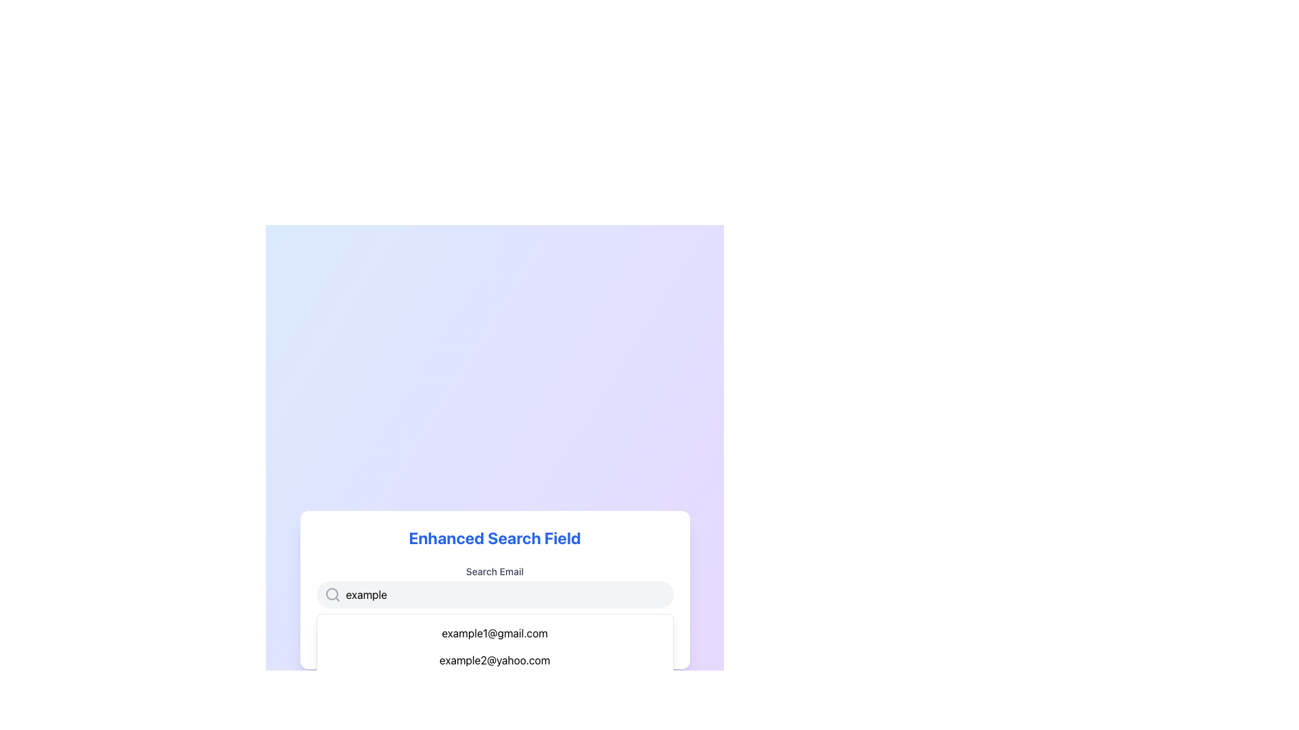 Image resolution: width=1299 pixels, height=730 pixels. What do you see at coordinates (494, 660) in the screenshot?
I see `the second option in the dropdown menu for email selection` at bounding box center [494, 660].